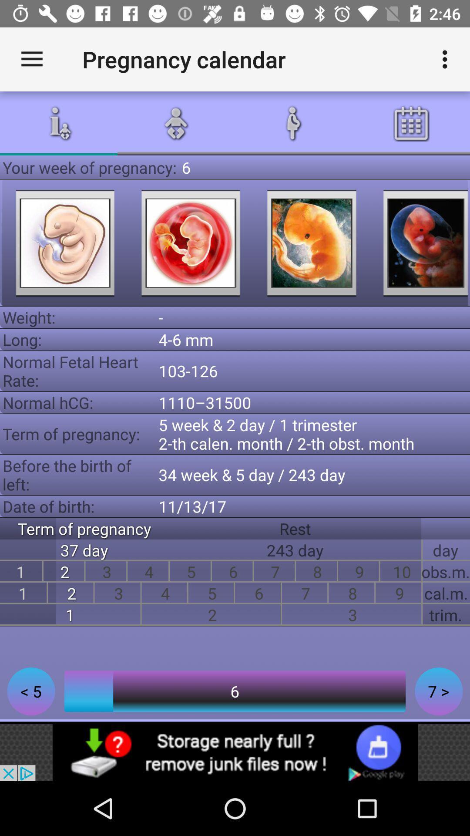 The height and width of the screenshot is (836, 470). I want to click on screen page, so click(419, 243).